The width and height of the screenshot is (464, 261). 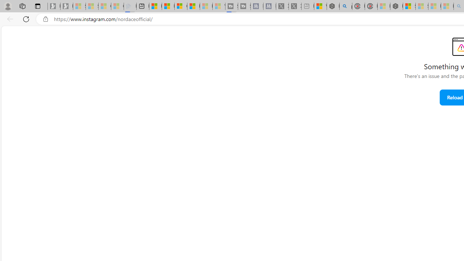 What do you see at coordinates (345, 6) in the screenshot?
I see `'poe - Search'` at bounding box center [345, 6].